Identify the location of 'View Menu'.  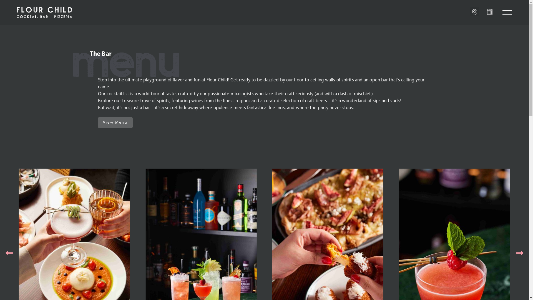
(115, 122).